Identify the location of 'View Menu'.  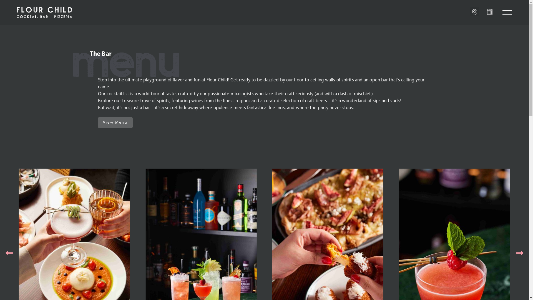
(115, 122).